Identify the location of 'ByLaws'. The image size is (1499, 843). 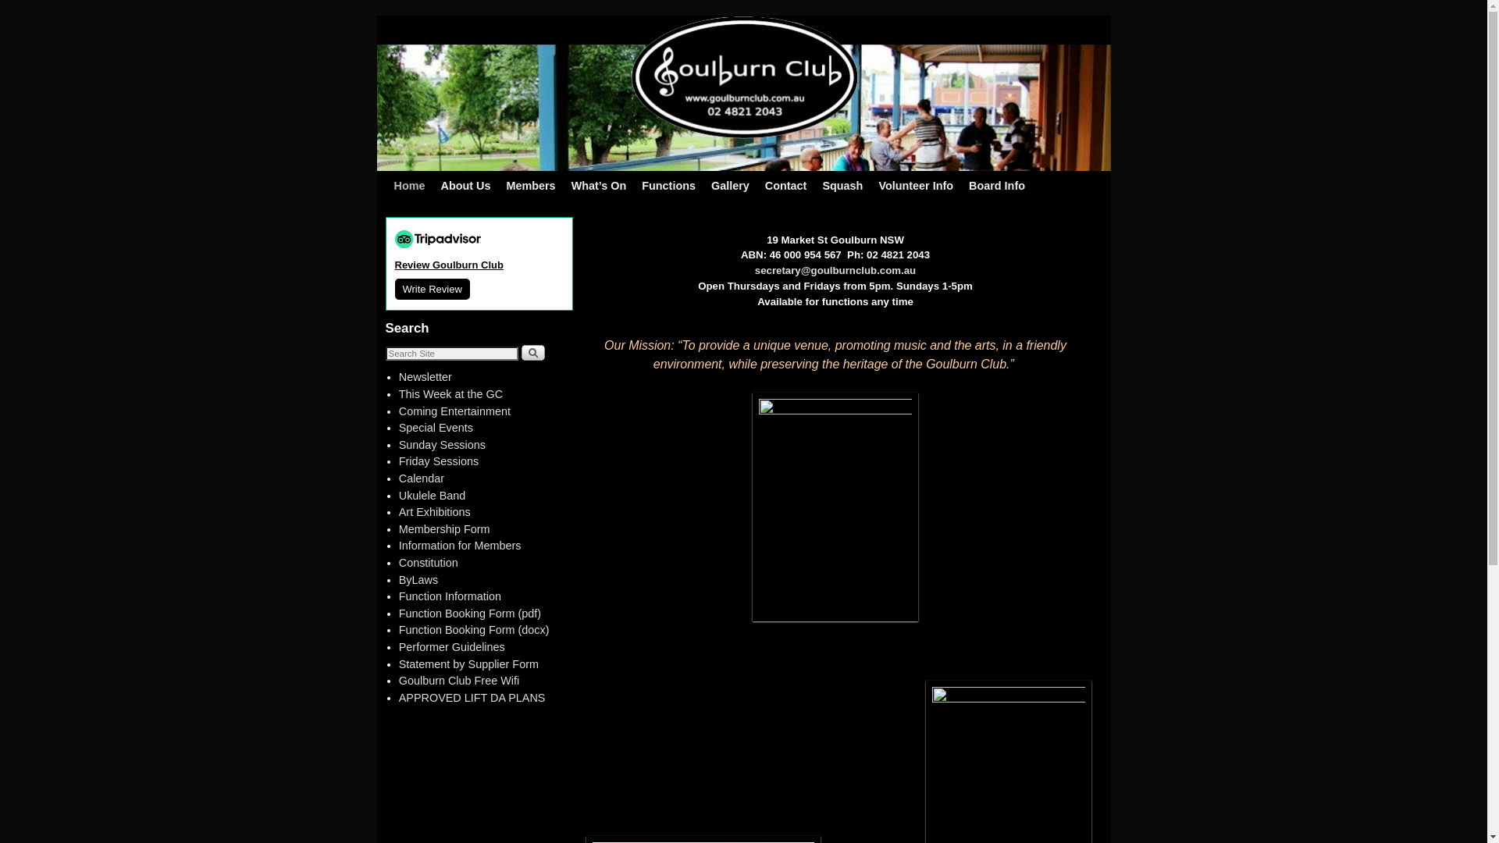
(418, 580).